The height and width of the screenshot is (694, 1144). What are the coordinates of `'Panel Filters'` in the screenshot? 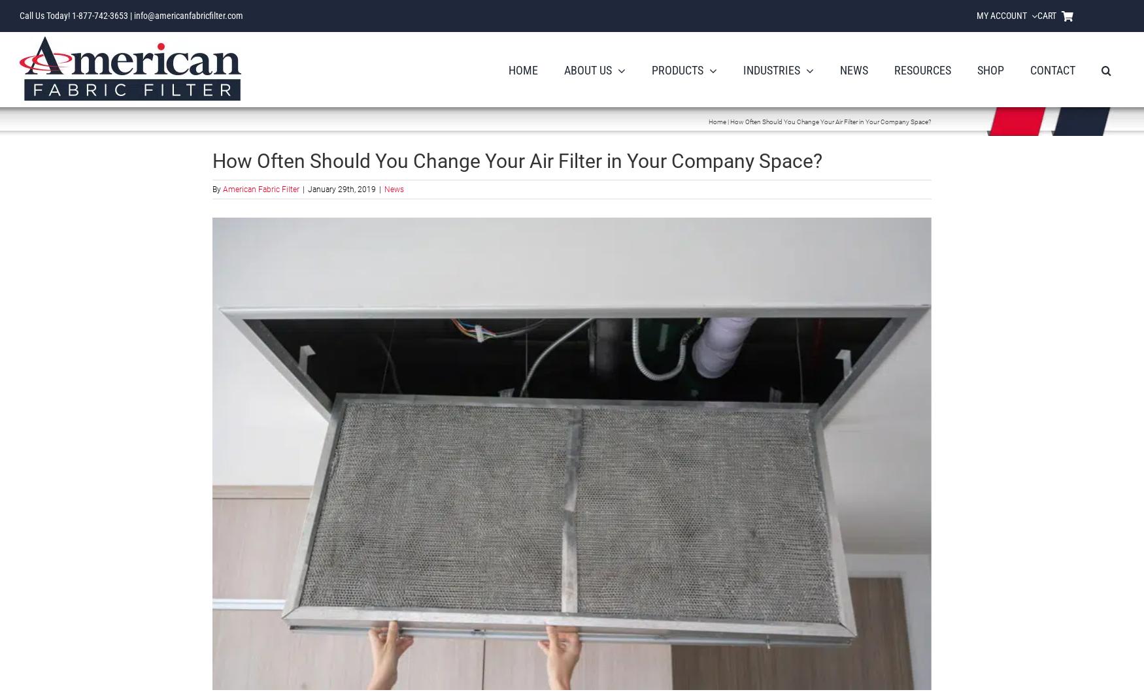 It's located at (167, 226).